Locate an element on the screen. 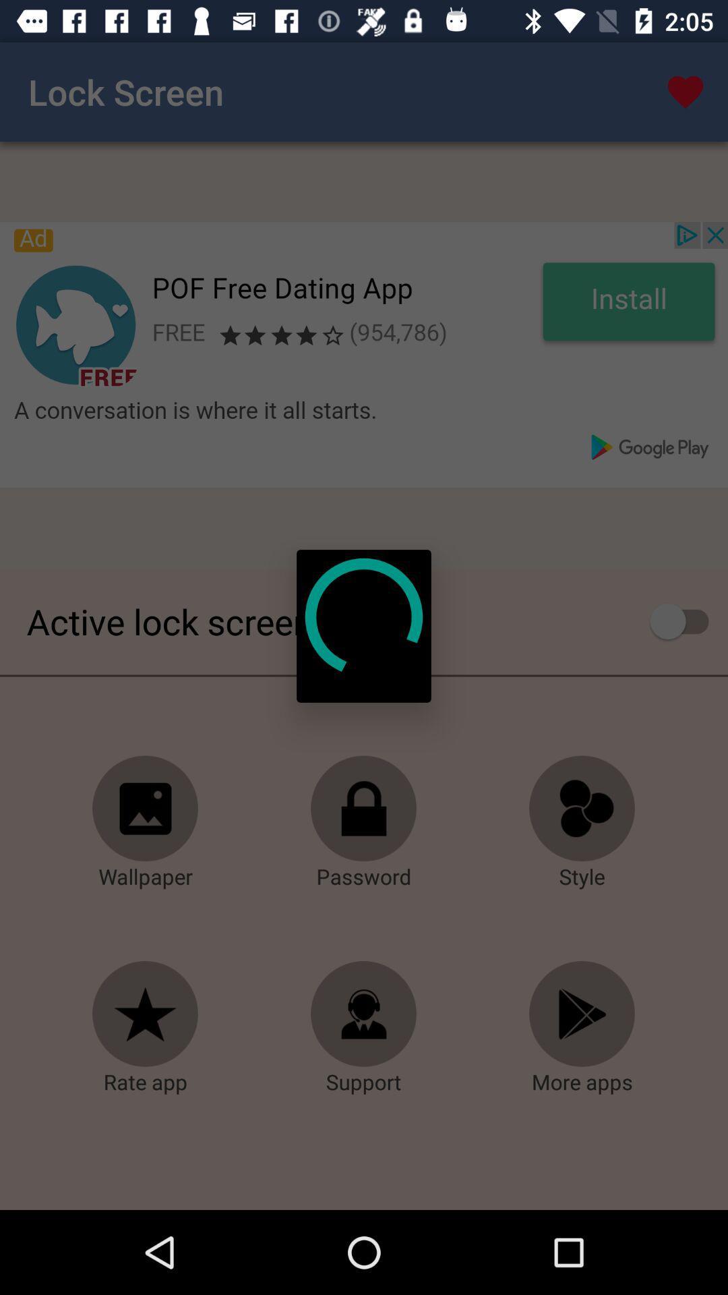 The height and width of the screenshot is (1295, 728). the avatar icon is located at coordinates (364, 1014).